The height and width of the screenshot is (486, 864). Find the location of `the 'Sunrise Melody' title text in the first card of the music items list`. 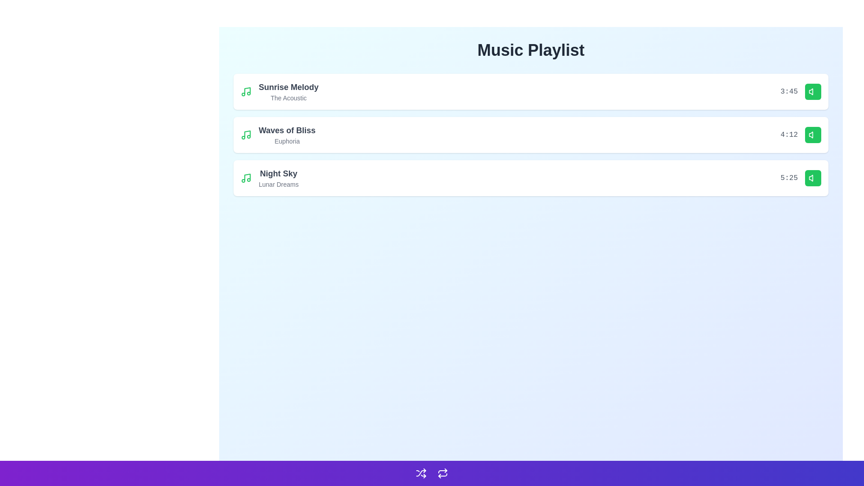

the 'Sunrise Melody' title text in the first card of the music items list is located at coordinates (288, 92).